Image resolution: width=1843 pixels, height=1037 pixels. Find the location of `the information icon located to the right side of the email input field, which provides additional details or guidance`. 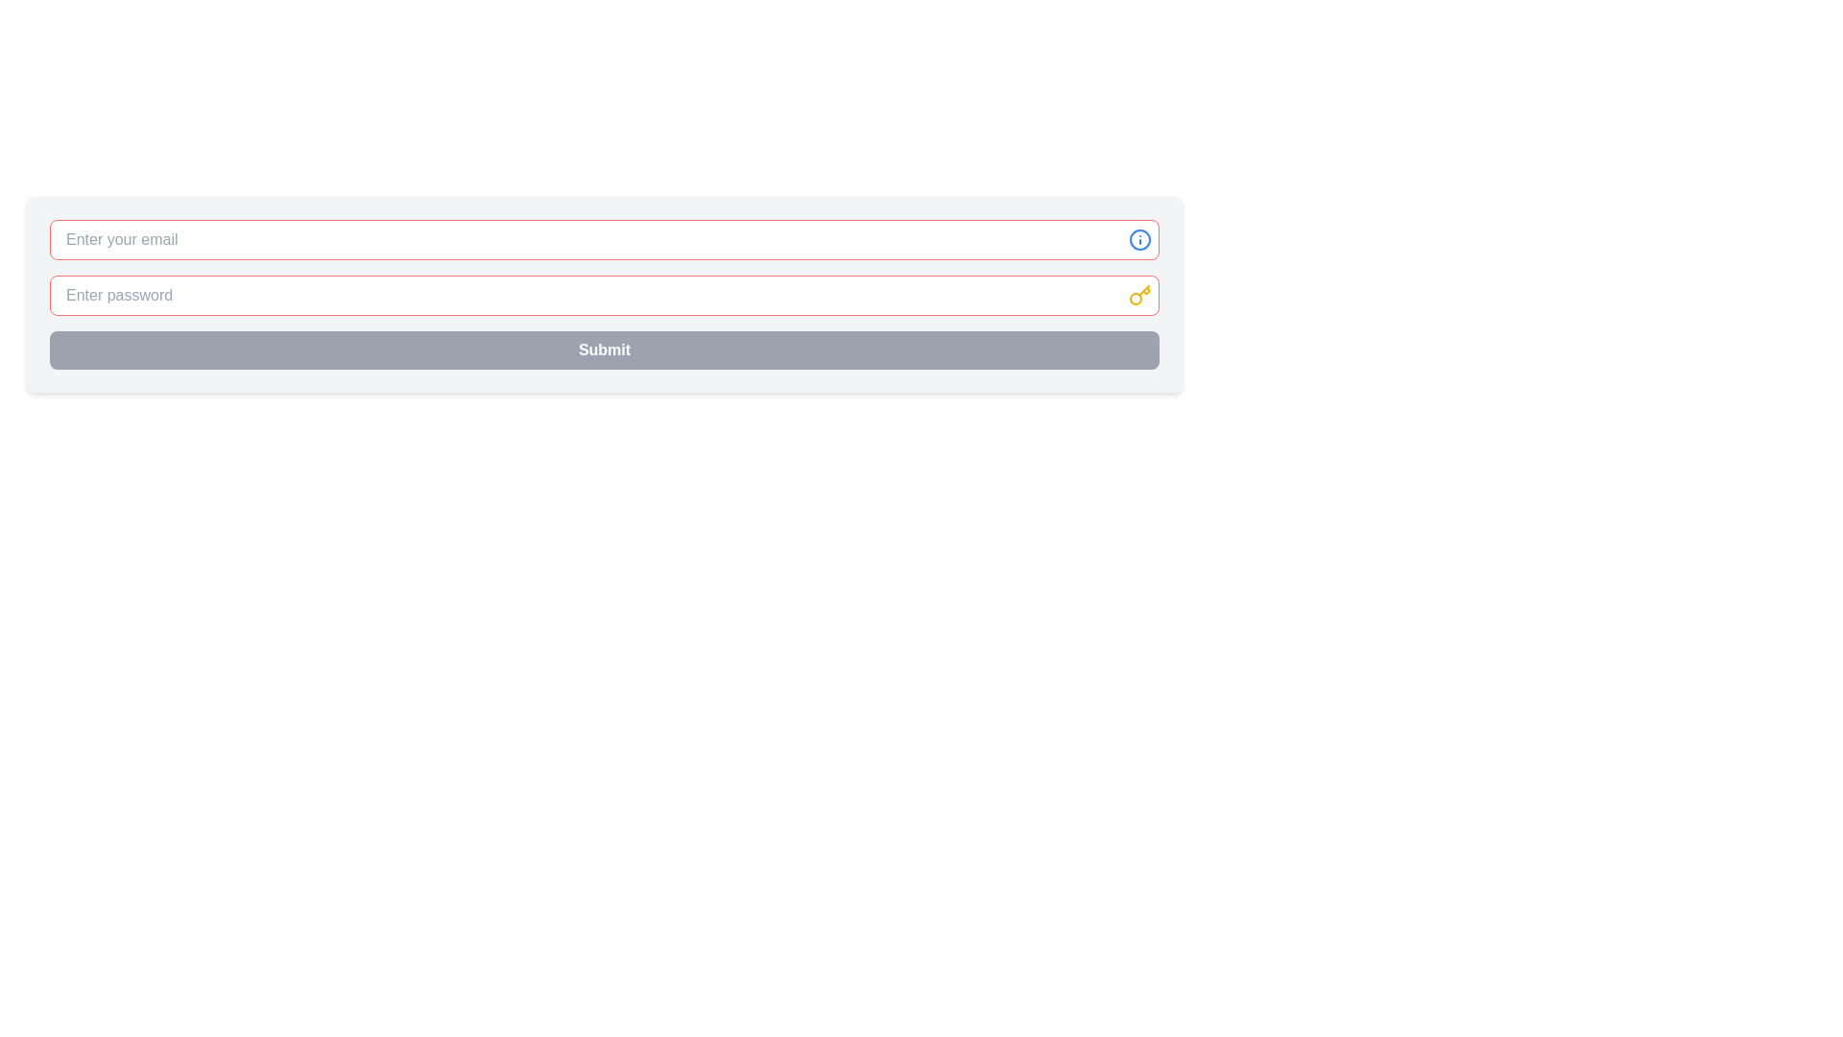

the information icon located to the right side of the email input field, which provides additional details or guidance is located at coordinates (1140, 239).